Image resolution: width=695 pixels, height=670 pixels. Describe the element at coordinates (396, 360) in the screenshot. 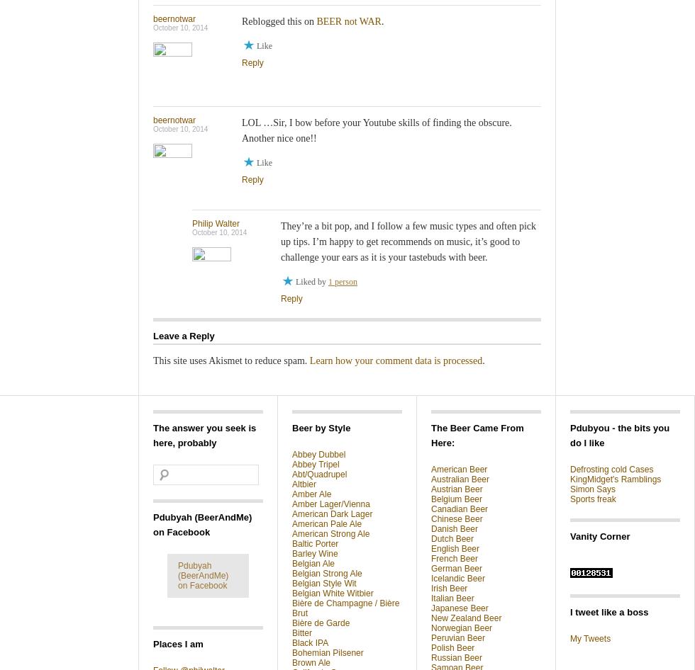

I see `'Learn how your comment data is processed'` at that location.